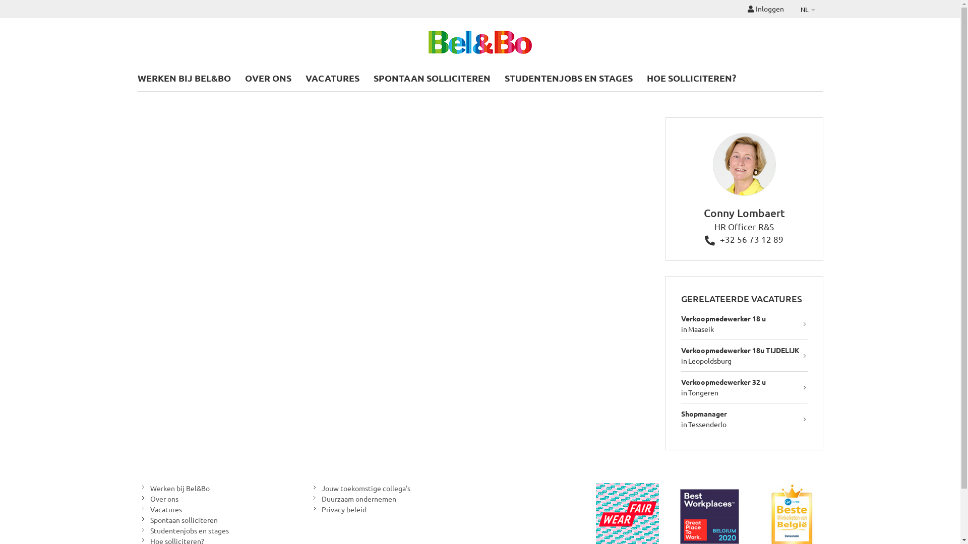  What do you see at coordinates (690, 77) in the screenshot?
I see `'HOE SOLLICITEREN?'` at bounding box center [690, 77].